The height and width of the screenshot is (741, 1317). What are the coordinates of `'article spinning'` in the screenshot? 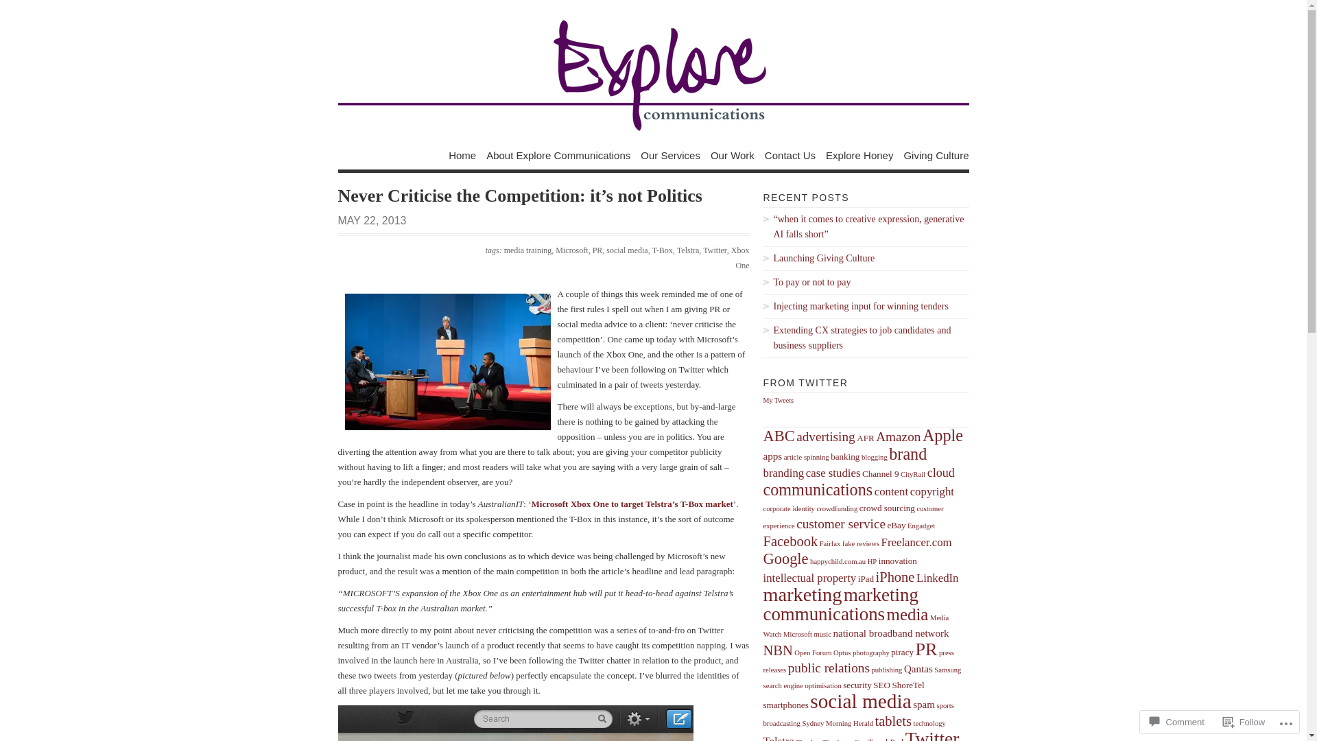 It's located at (807, 457).